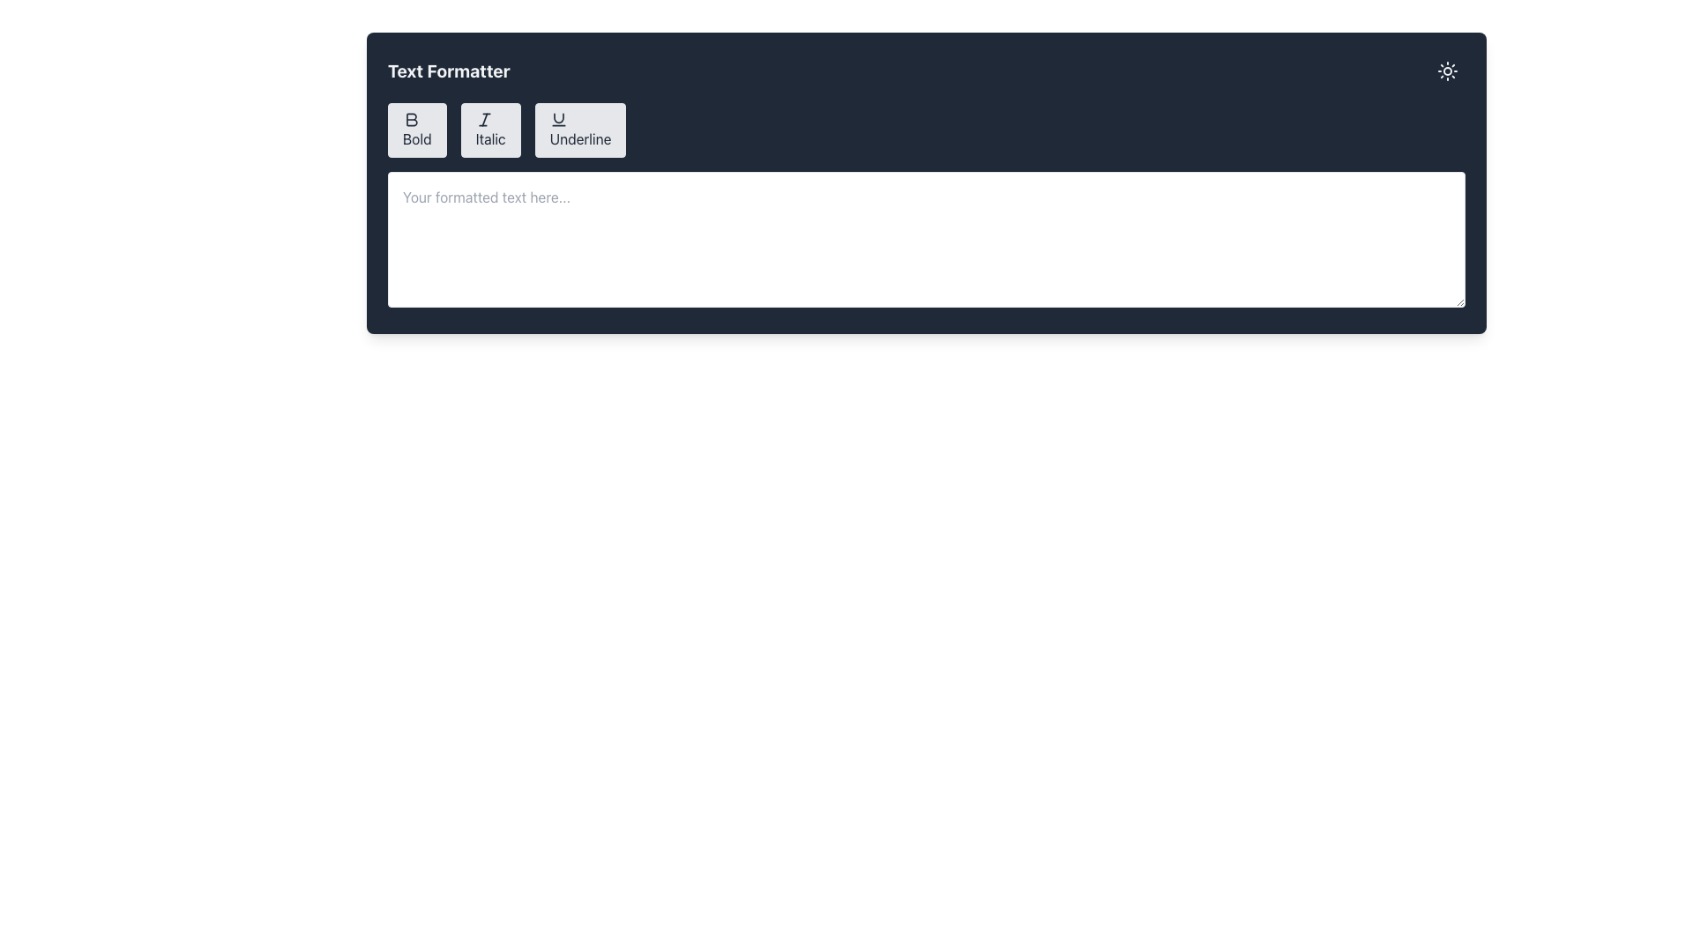 The height and width of the screenshot is (952, 1693). What do you see at coordinates (1447, 71) in the screenshot?
I see `the sun icon located in the top-right corner of the interface` at bounding box center [1447, 71].